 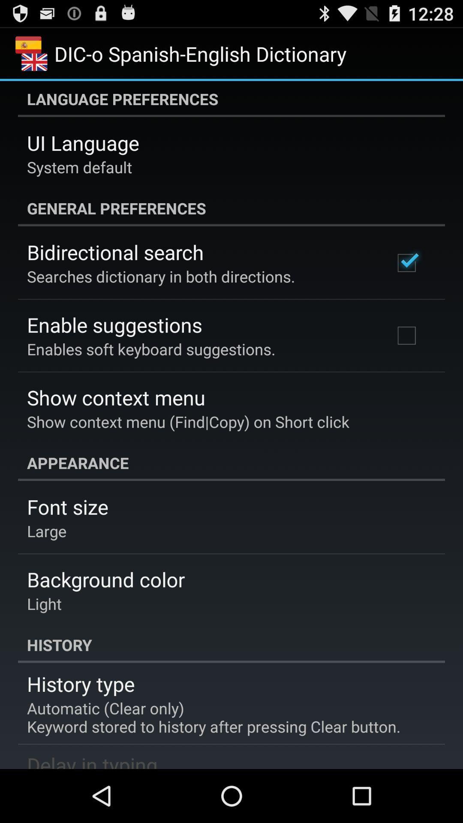 What do you see at coordinates (47, 530) in the screenshot?
I see `app above the background color` at bounding box center [47, 530].